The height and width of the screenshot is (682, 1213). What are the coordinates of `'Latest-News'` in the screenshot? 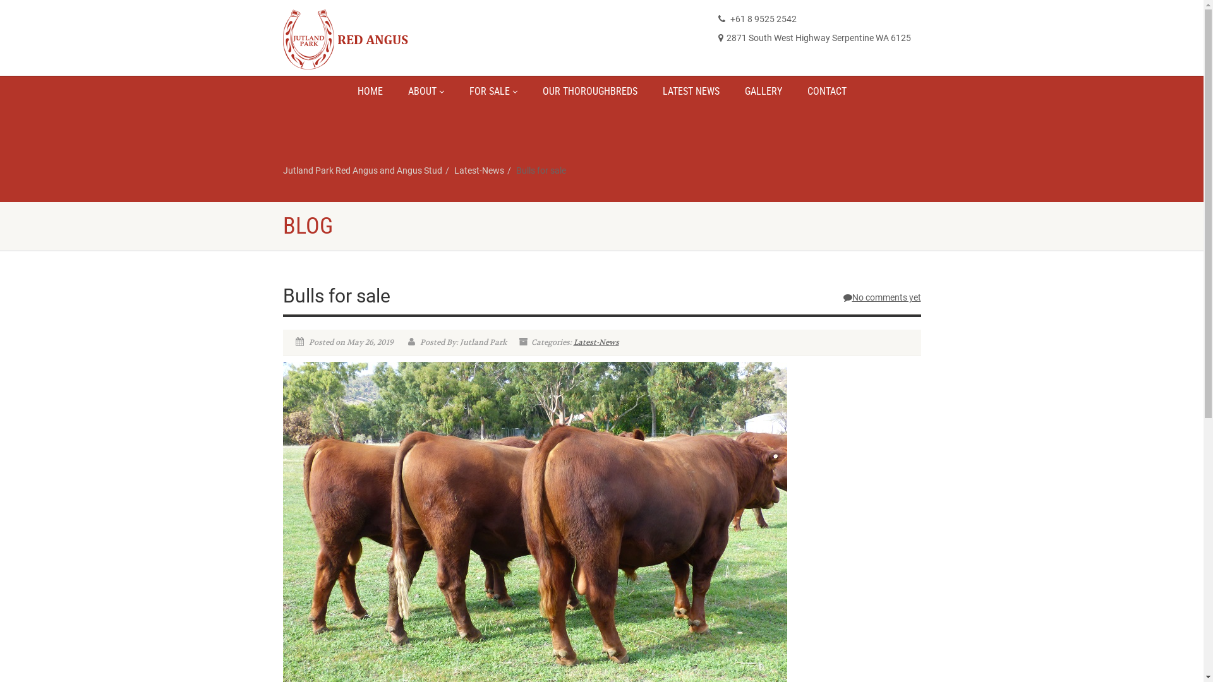 It's located at (596, 342).